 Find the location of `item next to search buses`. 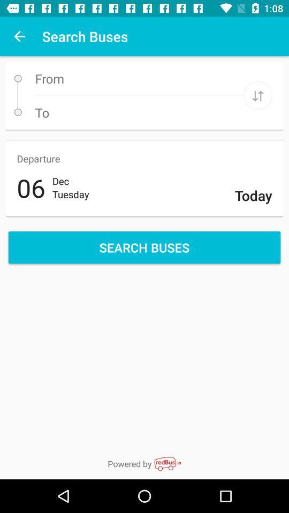

item next to search buses is located at coordinates (19, 36).